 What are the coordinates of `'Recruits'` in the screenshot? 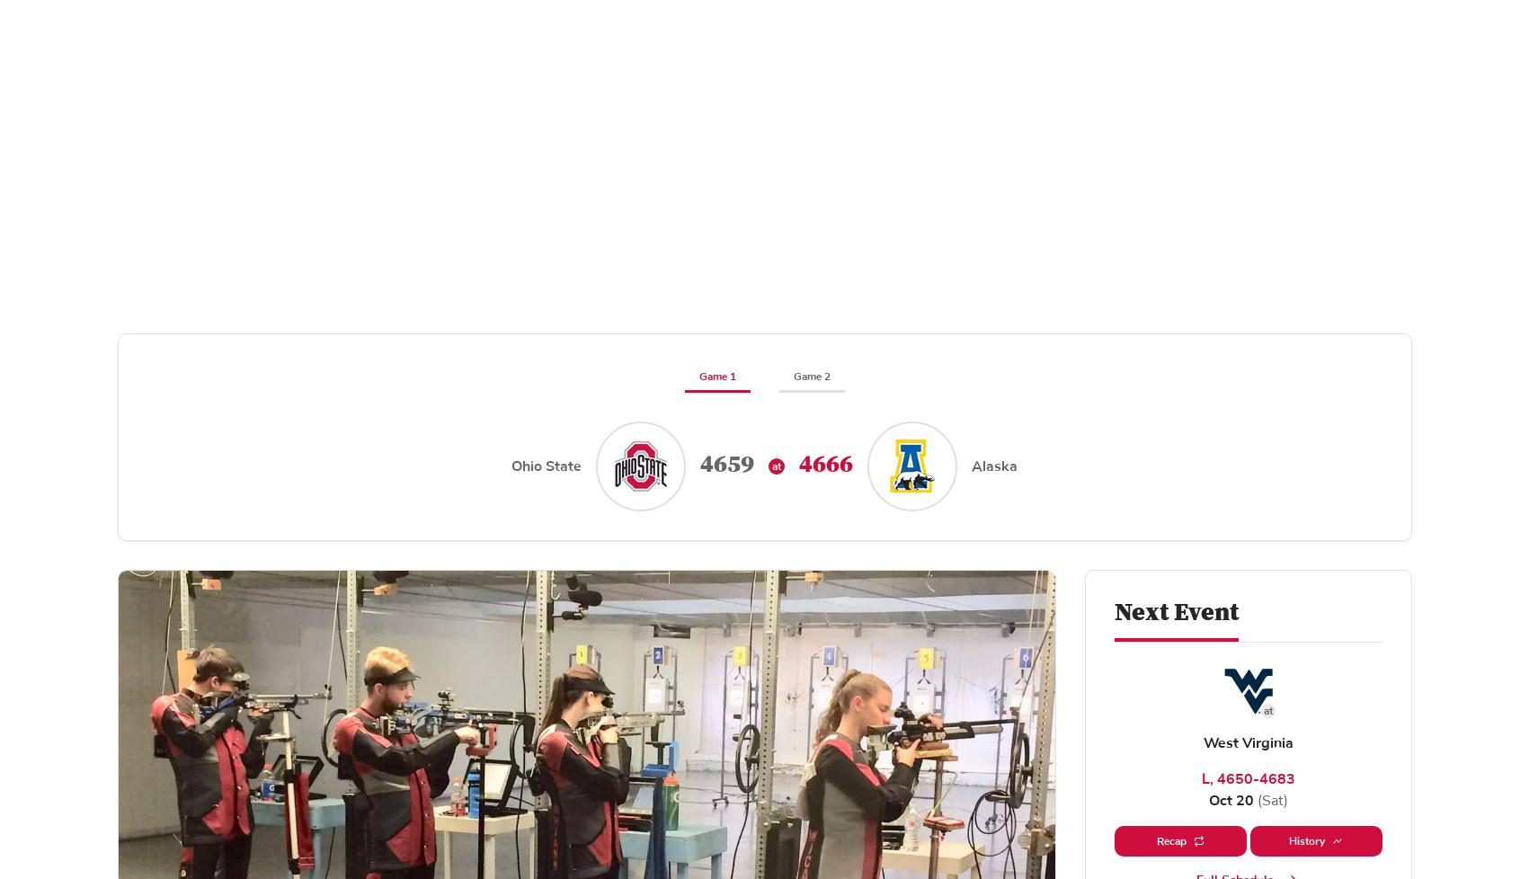 It's located at (55, 329).